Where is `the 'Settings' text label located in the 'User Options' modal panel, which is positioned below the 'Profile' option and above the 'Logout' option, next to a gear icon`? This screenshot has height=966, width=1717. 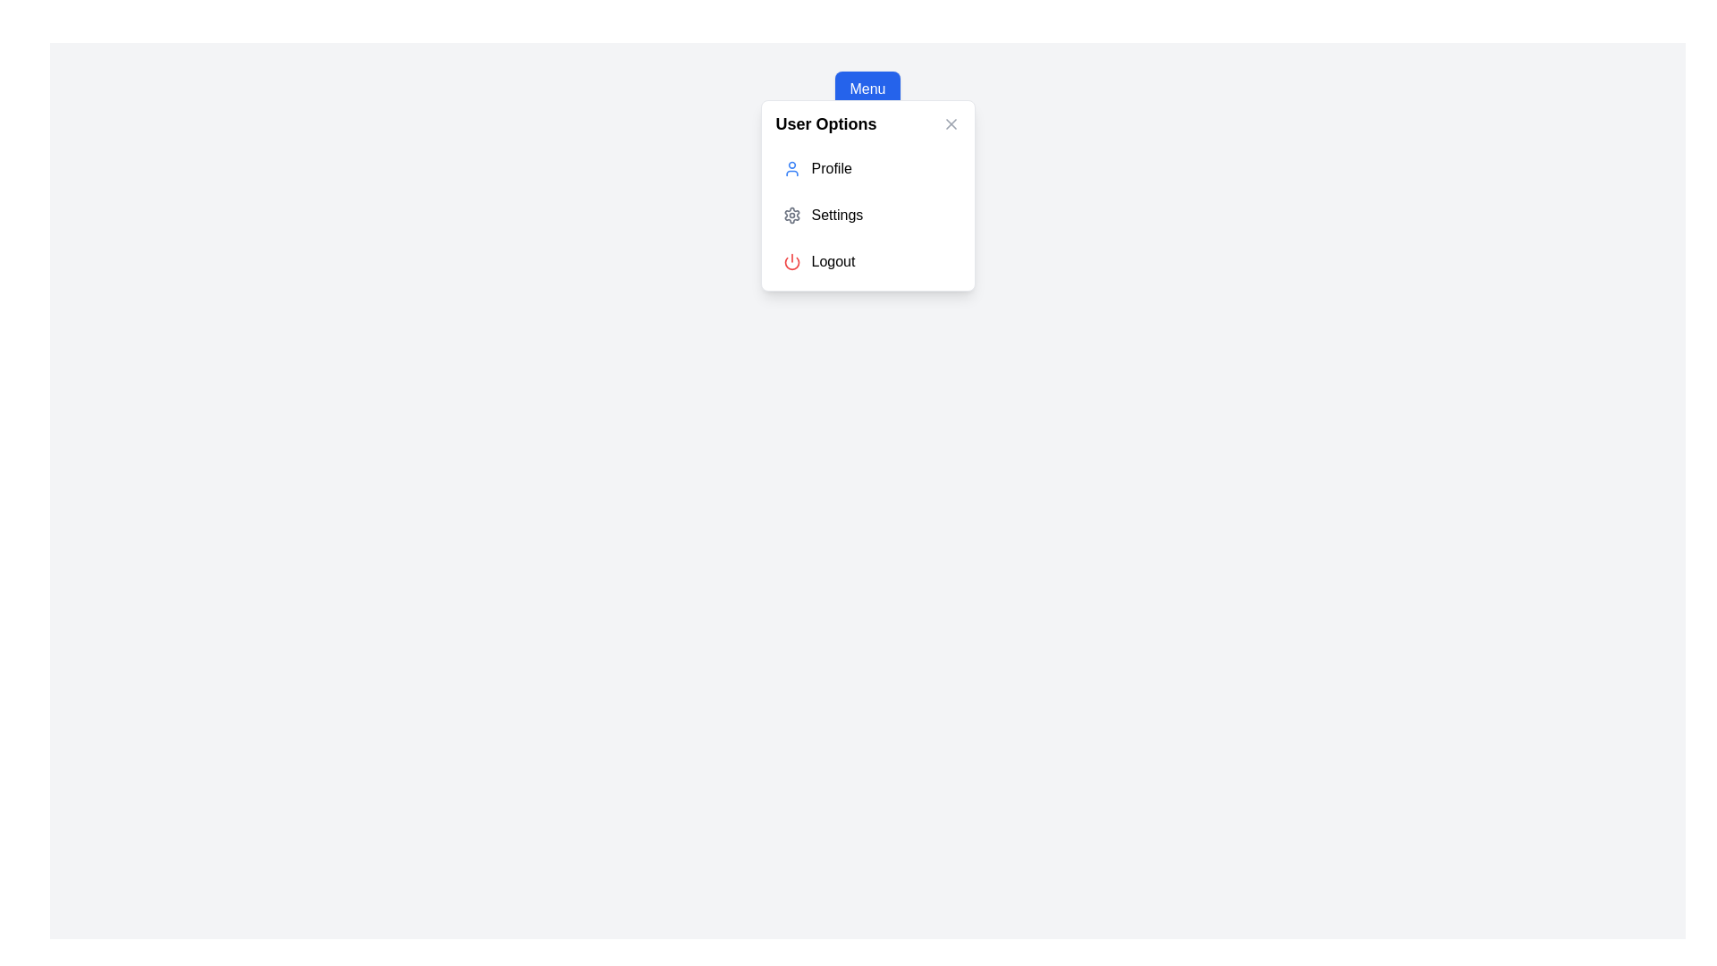 the 'Settings' text label located in the 'User Options' modal panel, which is positioned below the 'Profile' option and above the 'Logout' option, next to a gear icon is located at coordinates (836, 214).